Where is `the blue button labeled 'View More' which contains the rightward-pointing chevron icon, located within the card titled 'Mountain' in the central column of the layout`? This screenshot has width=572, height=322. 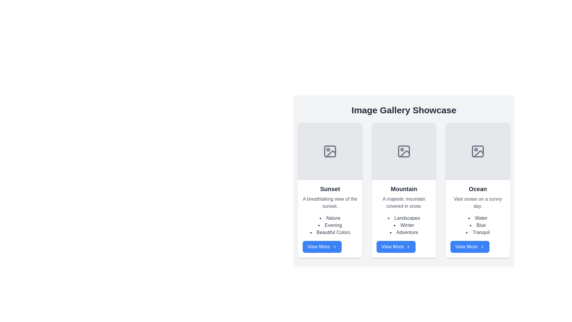 the blue button labeled 'View More' which contains the rightward-pointing chevron icon, located within the card titled 'Mountain' in the central column of the layout is located at coordinates (408, 247).